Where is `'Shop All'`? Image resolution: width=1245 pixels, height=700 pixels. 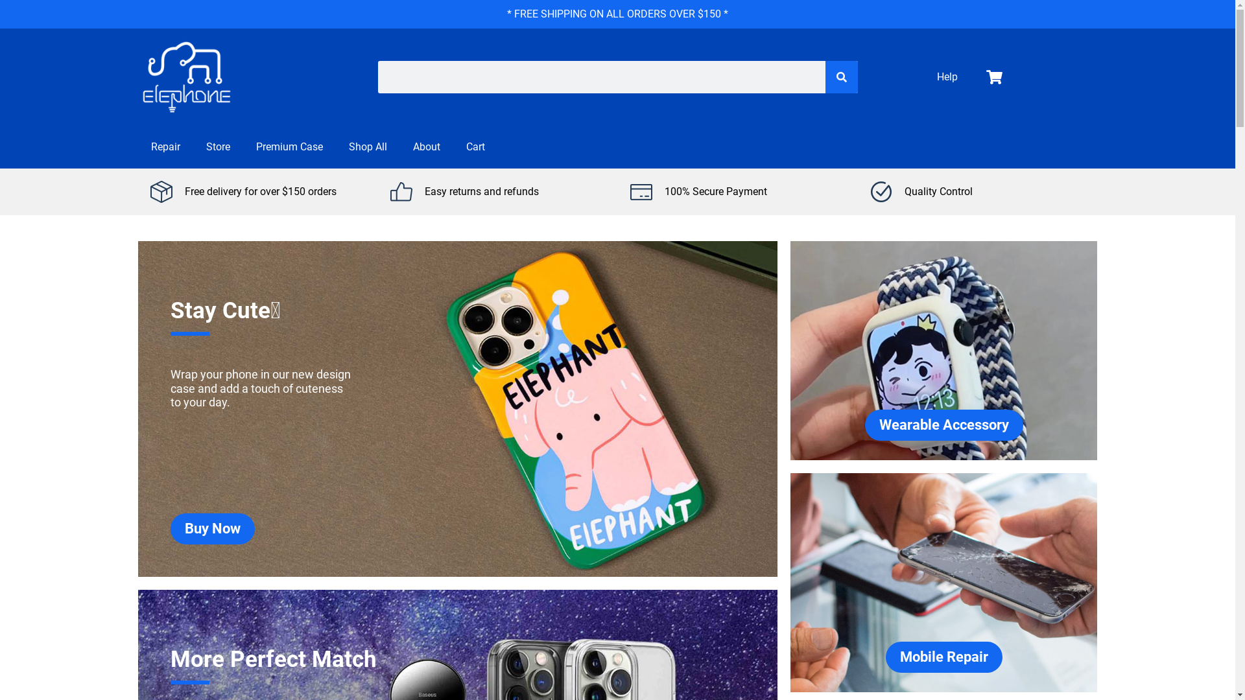 'Shop All' is located at coordinates (336, 146).